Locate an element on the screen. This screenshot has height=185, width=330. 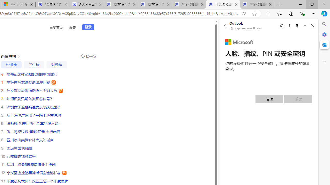
'login.microsoft.com' is located at coordinates (246, 28).